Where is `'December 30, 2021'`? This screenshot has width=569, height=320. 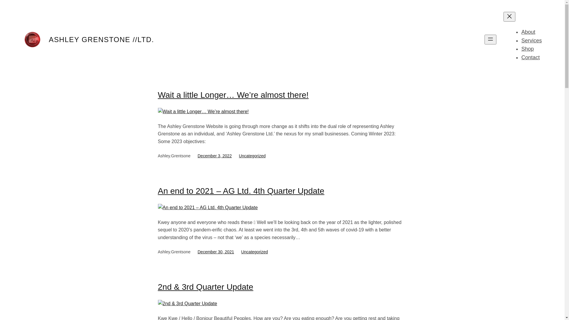 'December 30, 2021' is located at coordinates (215, 252).